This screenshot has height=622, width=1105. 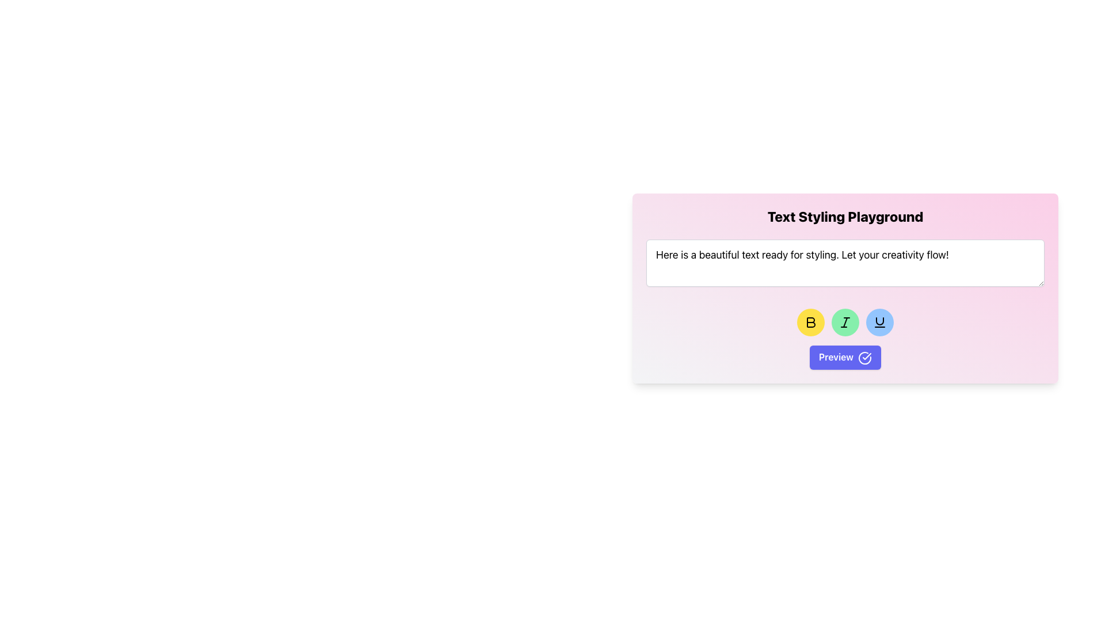 I want to click on the circular yellow button with a bold black 'B' to apply bold styling, located at the bottom of the pink-styled text tool interface, left of the italic and underline buttons, so click(x=810, y=322).